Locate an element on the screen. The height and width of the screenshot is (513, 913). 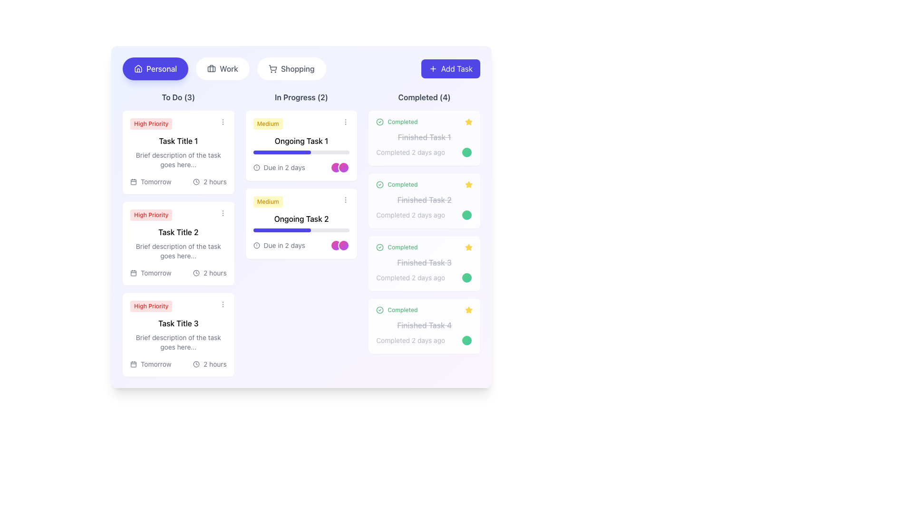
the 'Personal' text label within the navigational button to trigger any associated effects is located at coordinates (162, 68).